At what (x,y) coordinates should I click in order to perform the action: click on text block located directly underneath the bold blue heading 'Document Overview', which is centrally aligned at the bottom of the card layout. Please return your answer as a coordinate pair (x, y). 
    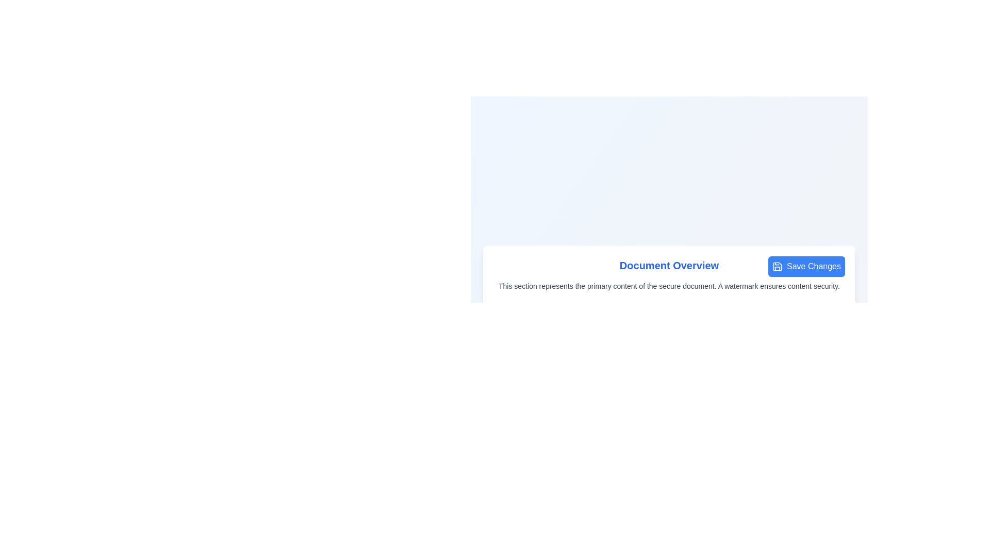
    Looking at the image, I should click on (669, 286).